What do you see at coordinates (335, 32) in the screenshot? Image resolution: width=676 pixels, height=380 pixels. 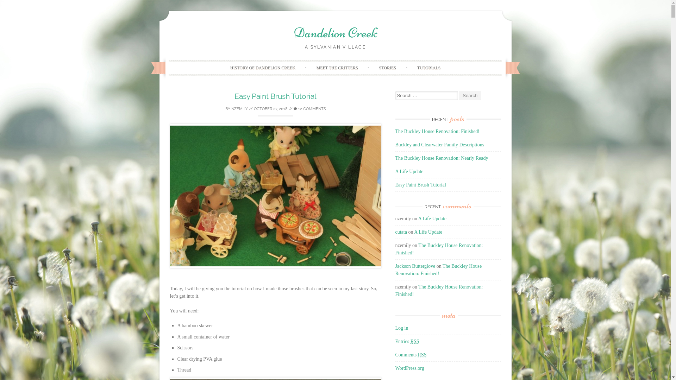 I see `'Dandelion Creek'` at bounding box center [335, 32].